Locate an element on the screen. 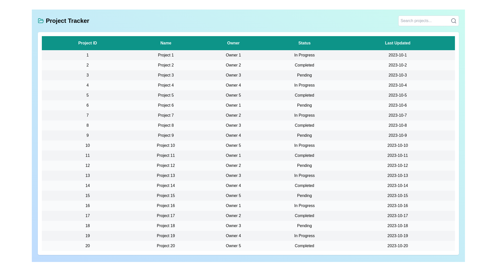 Image resolution: width=481 pixels, height=271 pixels. the column header Owner to sort the table by that column is located at coordinates (233, 43).